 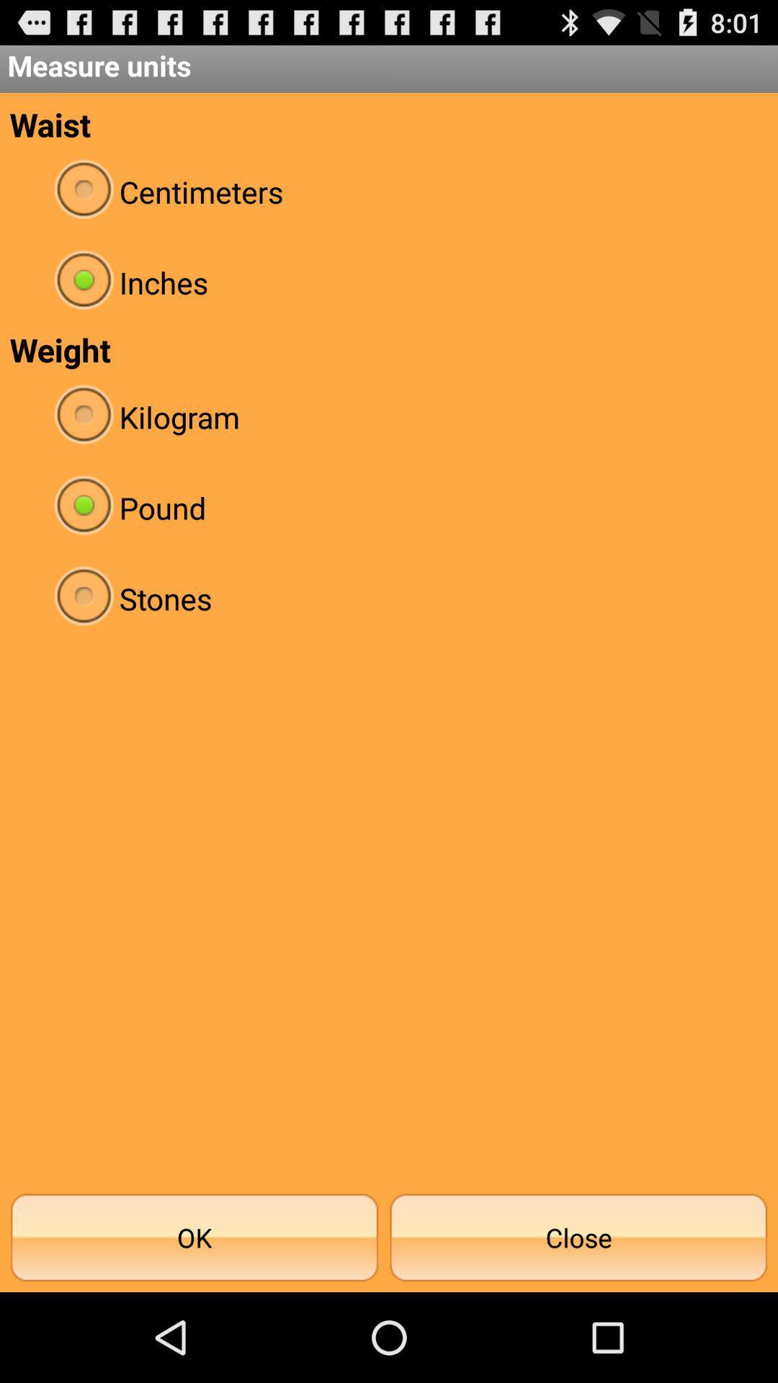 I want to click on item above the stones radio button, so click(x=389, y=508).